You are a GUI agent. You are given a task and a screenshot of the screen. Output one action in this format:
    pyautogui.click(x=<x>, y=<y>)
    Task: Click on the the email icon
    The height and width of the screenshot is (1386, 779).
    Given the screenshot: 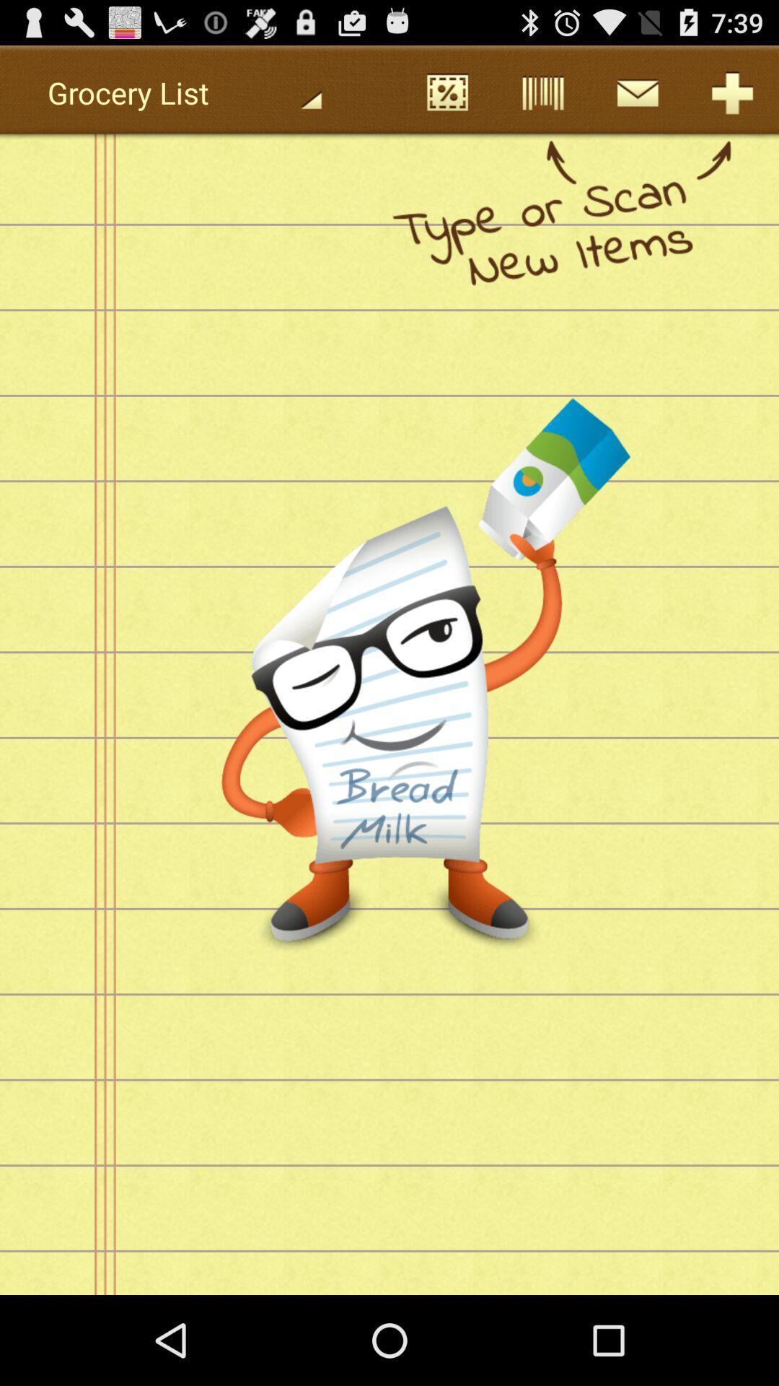 What is the action you would take?
    pyautogui.click(x=636, y=98)
    